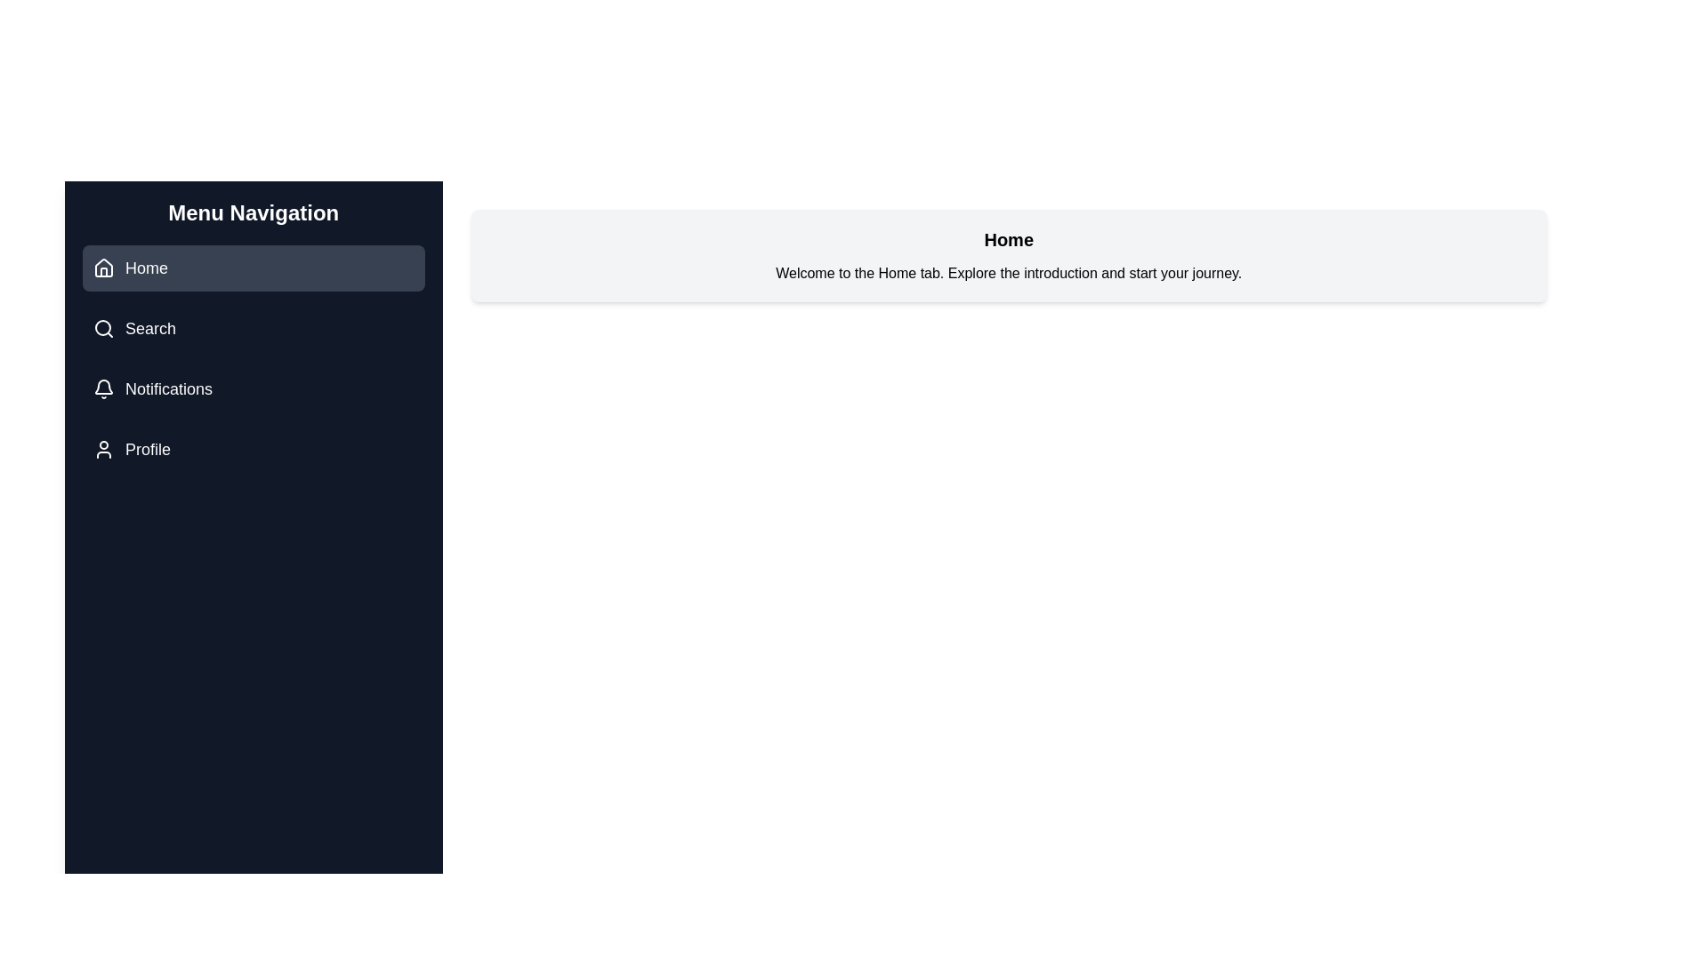  Describe the element at coordinates (253, 329) in the screenshot. I see `the tab Search to observe its icon and title` at that location.